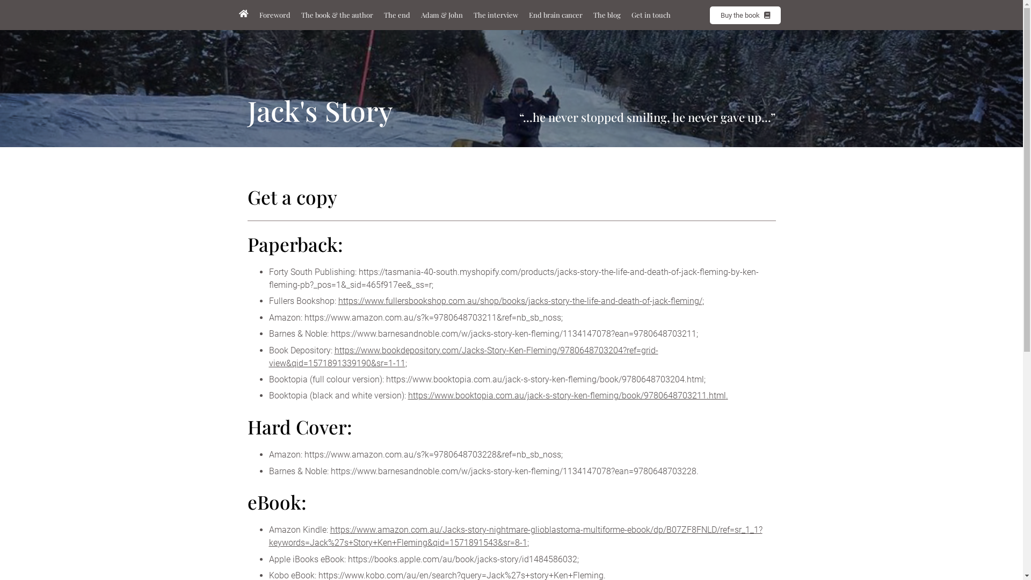 The image size is (1031, 580). I want to click on 'The blog', so click(590, 15).